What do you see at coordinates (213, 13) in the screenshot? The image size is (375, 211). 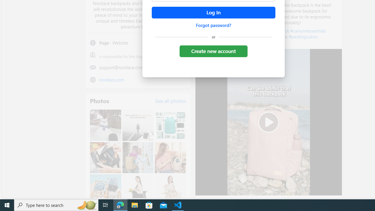 I see `'Accessible login button'` at bounding box center [213, 13].